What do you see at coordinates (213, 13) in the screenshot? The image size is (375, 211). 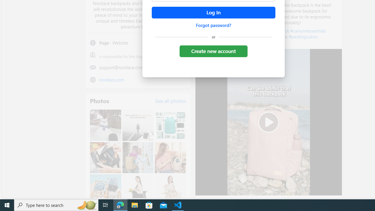 I see `'Accessible login button'` at bounding box center [213, 13].